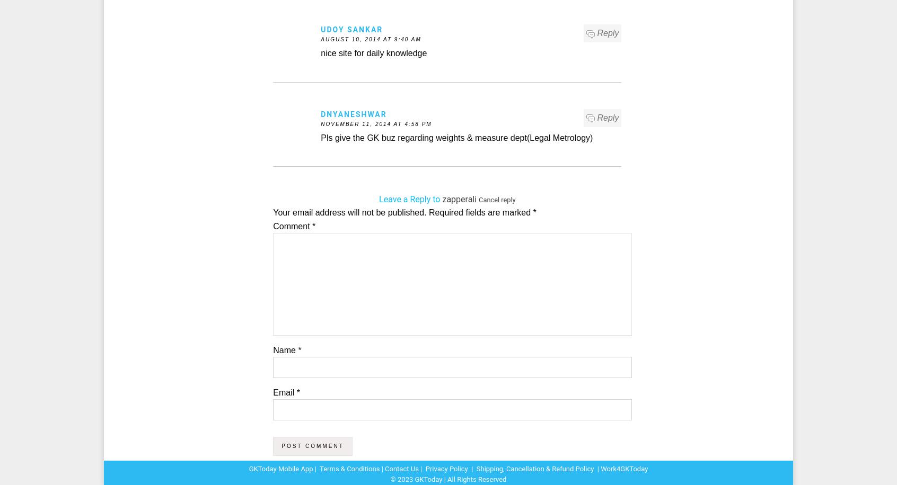 This screenshot has width=897, height=485. I want to click on 'Comment', so click(273, 225).